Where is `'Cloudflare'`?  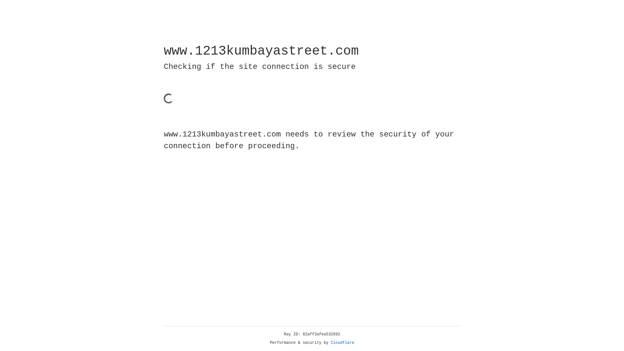
'Cloudflare' is located at coordinates (342, 343).